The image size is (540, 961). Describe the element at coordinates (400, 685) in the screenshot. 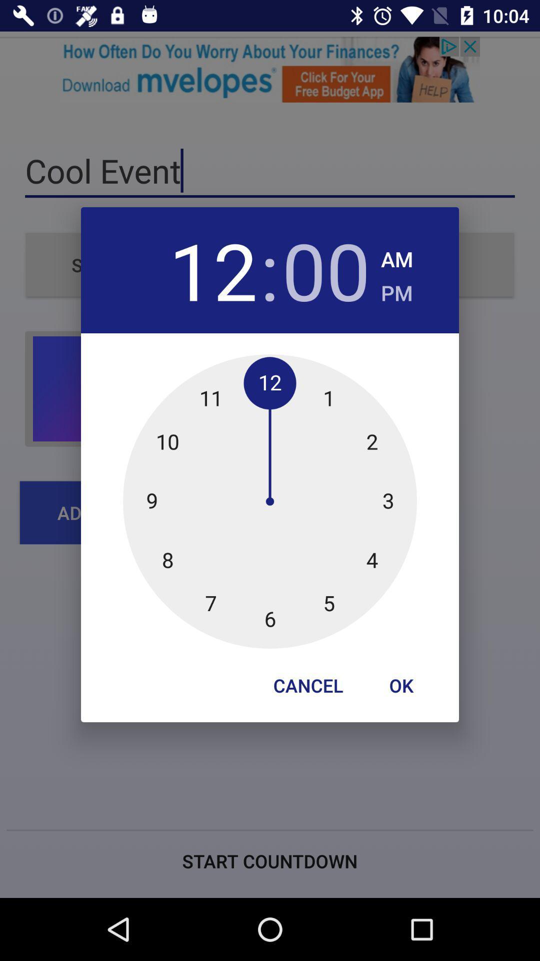

I see `icon at the bottom right corner` at that location.